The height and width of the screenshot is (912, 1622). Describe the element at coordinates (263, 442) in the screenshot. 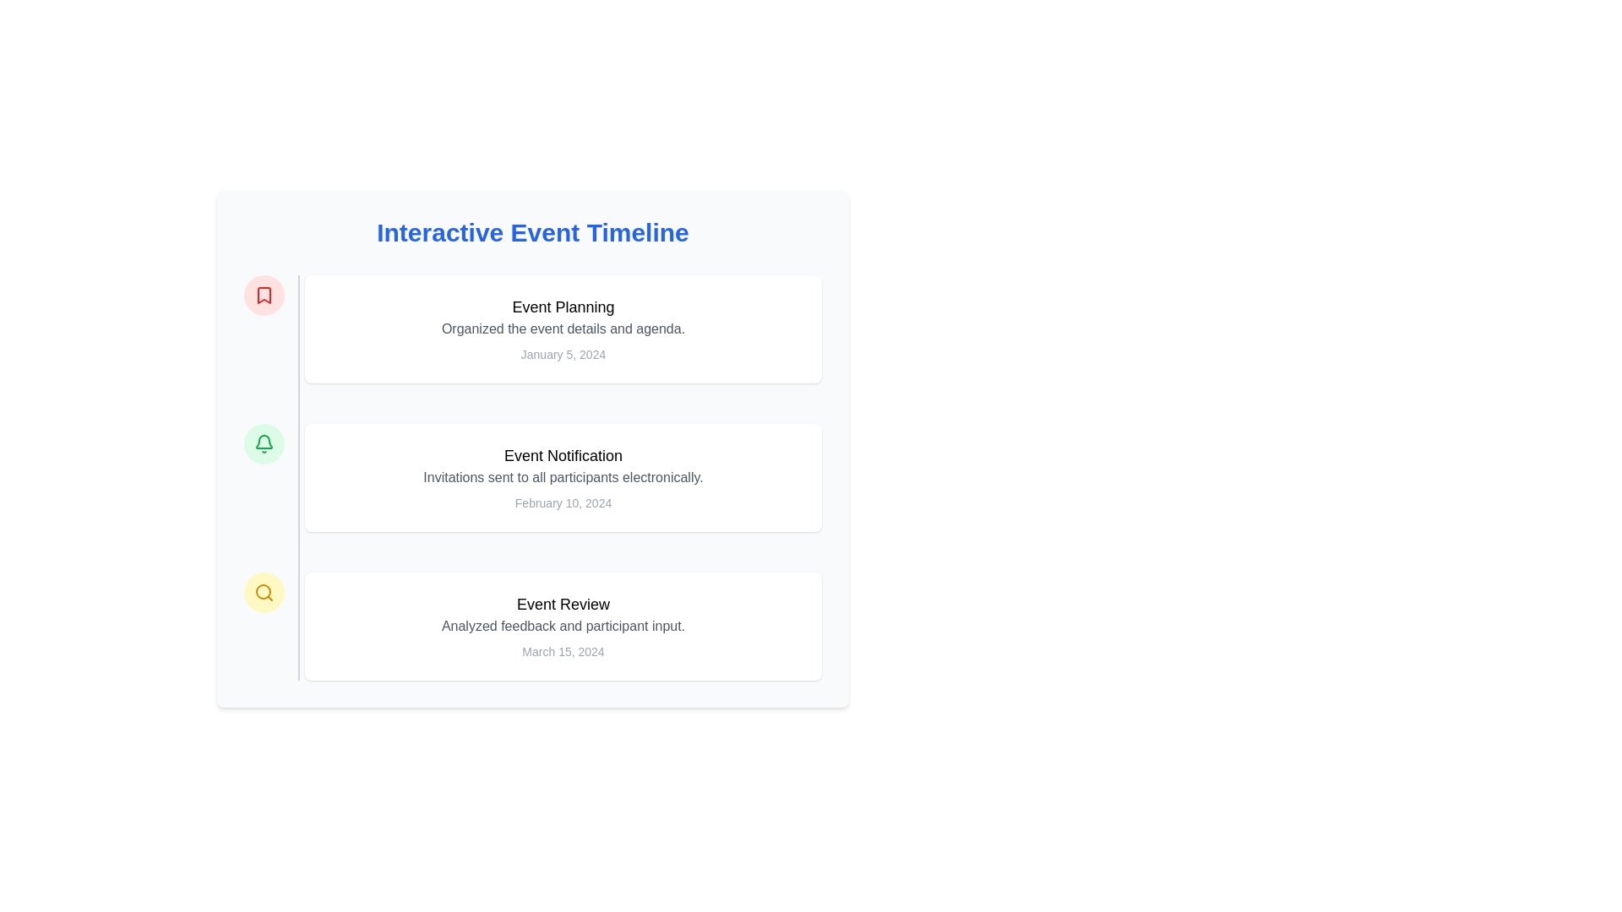

I see `the circular green icon with a bell symbol located in the second entry of the vertical timeline, to the left of the 'Event Notification' section` at that location.